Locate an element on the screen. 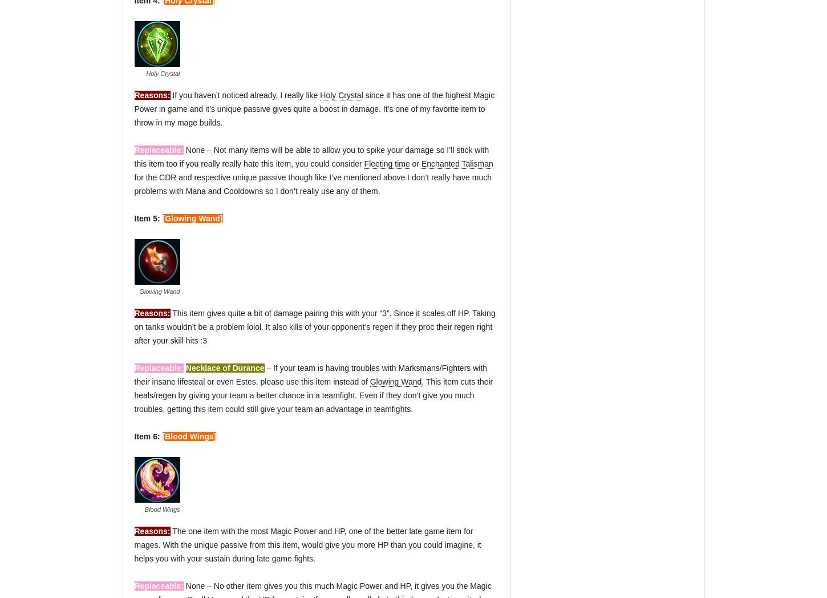 The height and width of the screenshot is (598, 827). 'Item 5:' is located at coordinates (148, 218).